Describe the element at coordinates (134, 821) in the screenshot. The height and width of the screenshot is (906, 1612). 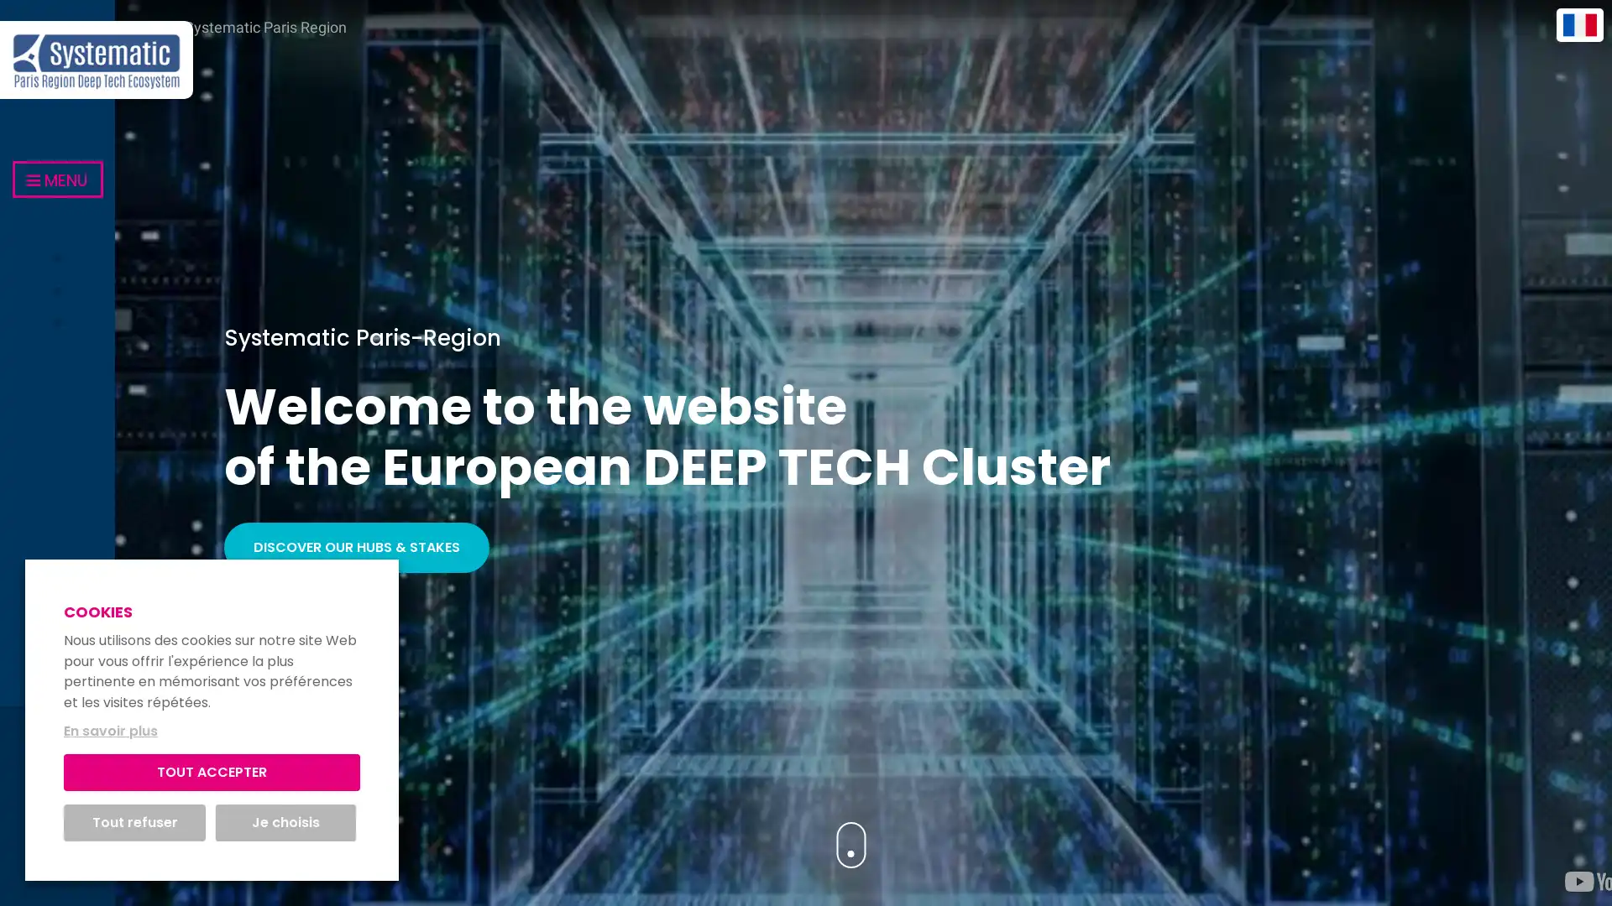
I see `Tout refuser` at that location.